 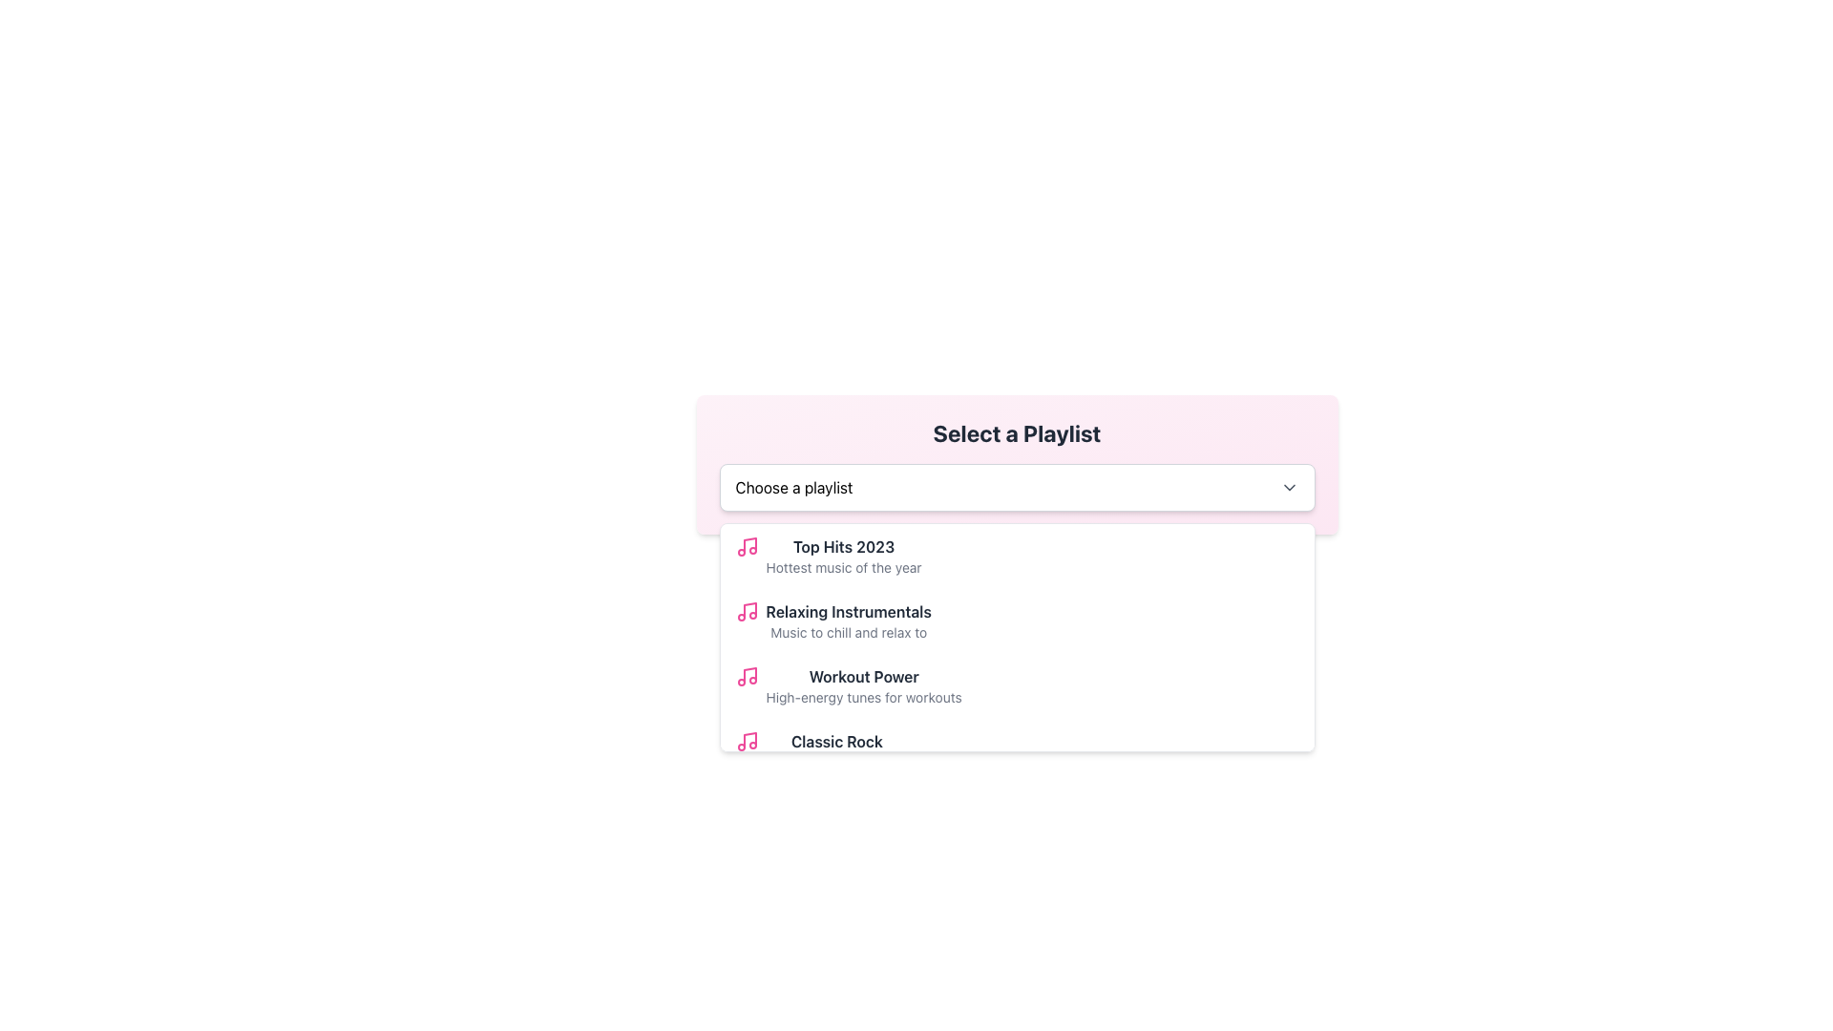 What do you see at coordinates (748, 610) in the screenshot?
I see `the stylized musical note icon located to the left of the text 'Relaxing Instrumentals' in the dropdown playlist selector` at bounding box center [748, 610].